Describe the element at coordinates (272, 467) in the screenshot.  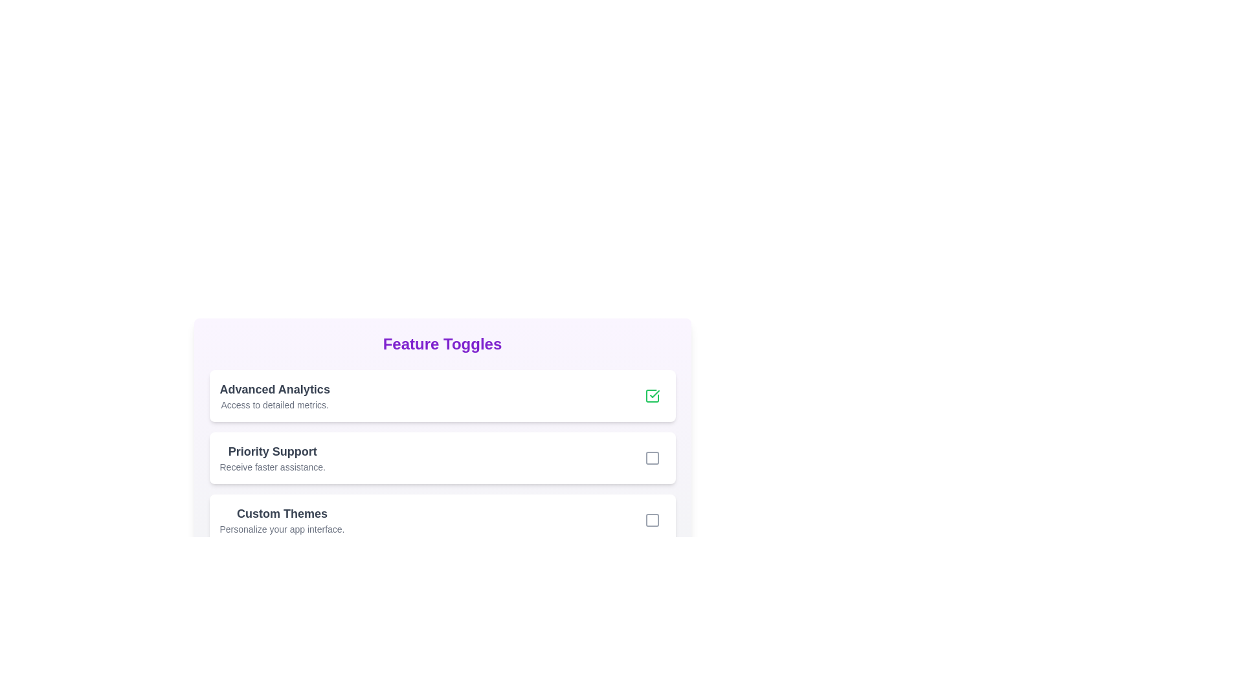
I see `text displayed below the 'Priority Support' feature toggle, which provides additional information about it` at that location.